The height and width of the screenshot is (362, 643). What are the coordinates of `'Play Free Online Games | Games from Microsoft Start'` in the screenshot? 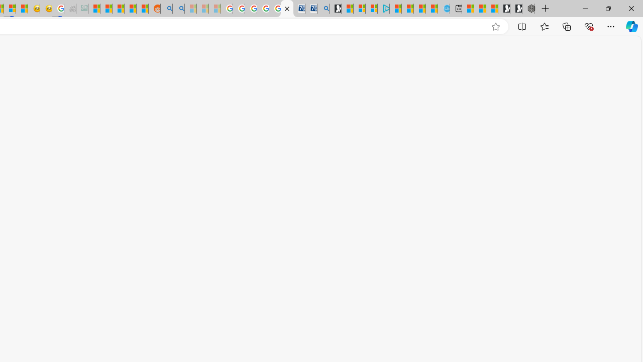 It's located at (516, 9).